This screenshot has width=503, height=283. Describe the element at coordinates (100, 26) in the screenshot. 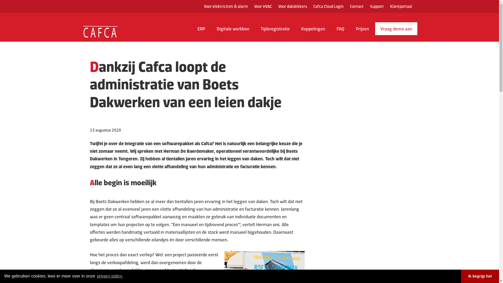

I see `'Cafca Software voor Installatiebedrijven'` at that location.